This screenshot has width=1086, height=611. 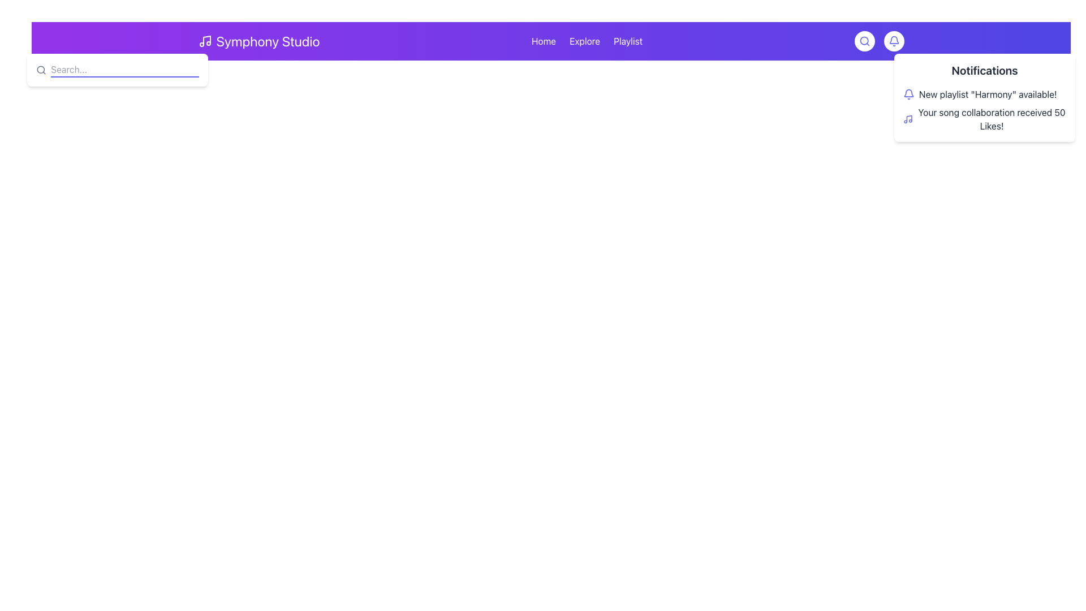 I want to click on the Static Text element that serves as the header for the notifications section, located in the top-right of the notification pop-up, so click(x=984, y=70).